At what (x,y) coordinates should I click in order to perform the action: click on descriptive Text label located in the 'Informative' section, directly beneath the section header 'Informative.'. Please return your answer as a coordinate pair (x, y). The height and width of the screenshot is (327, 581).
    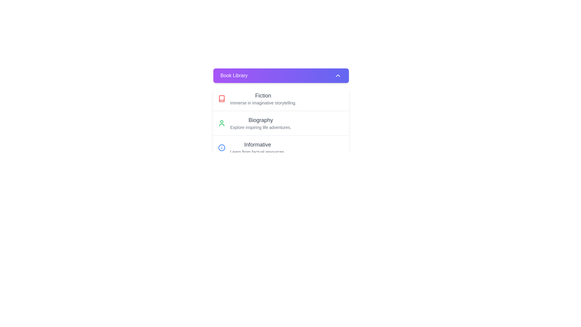
    Looking at the image, I should click on (258, 151).